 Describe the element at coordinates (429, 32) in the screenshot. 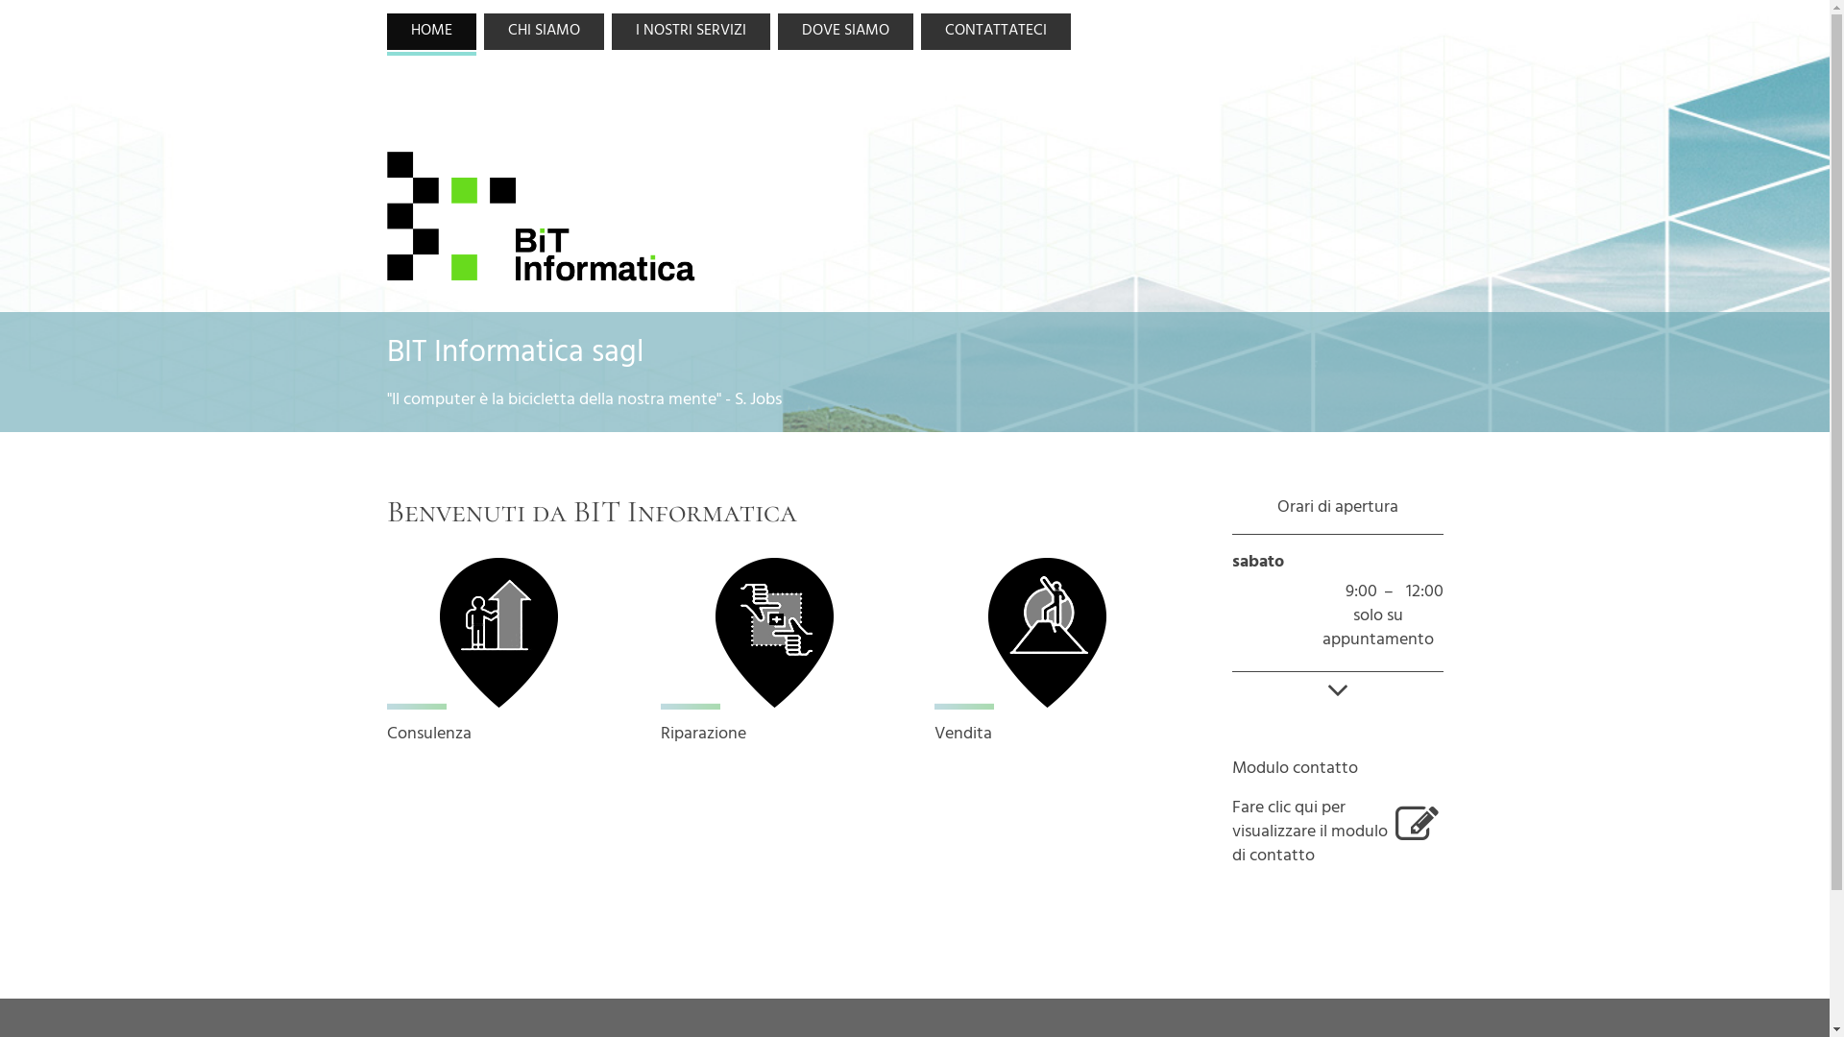

I see `'HOME'` at that location.